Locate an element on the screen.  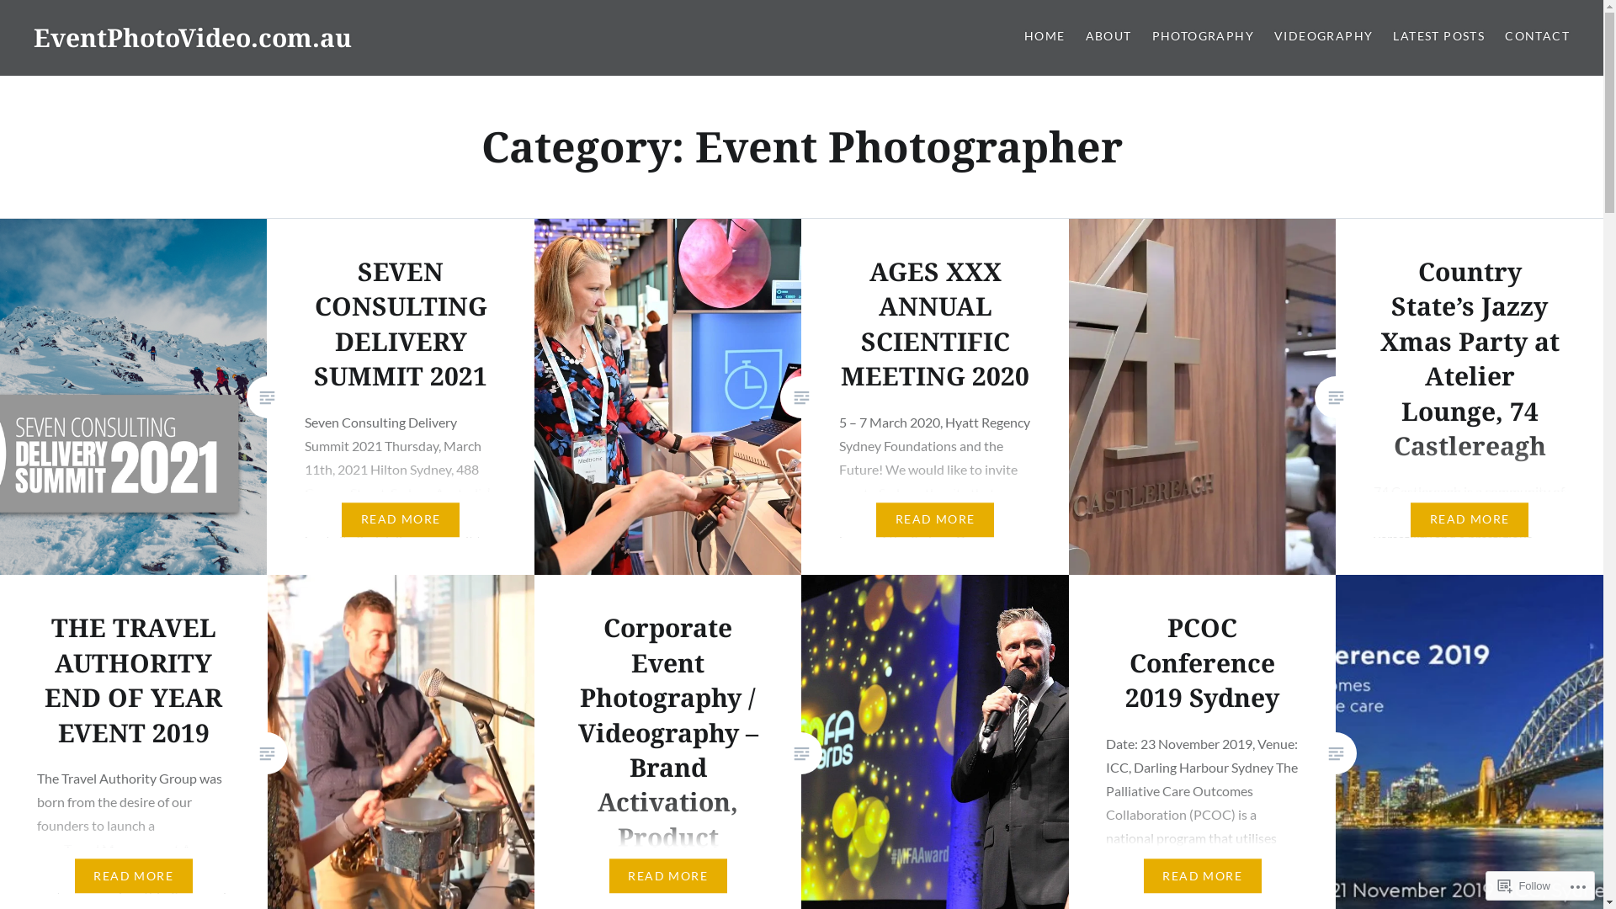
'READ MORE' is located at coordinates (399, 518).